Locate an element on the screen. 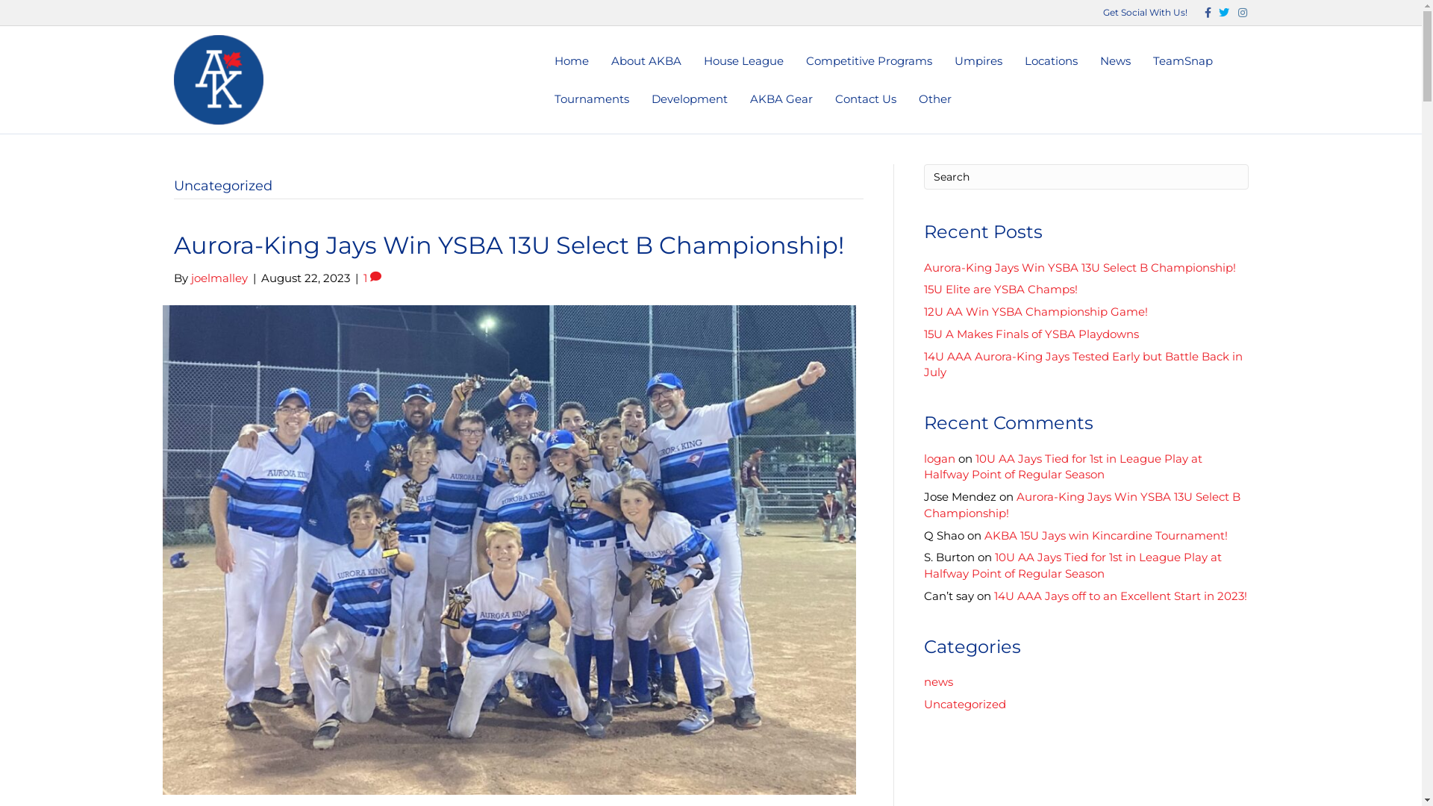  'joelmalley' is located at coordinates (218, 278).